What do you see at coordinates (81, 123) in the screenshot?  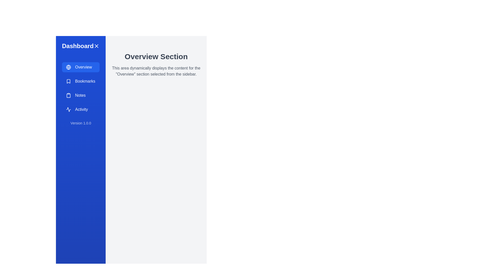 I see `the 'Version 1.0.0' text to view the application version information` at bounding box center [81, 123].